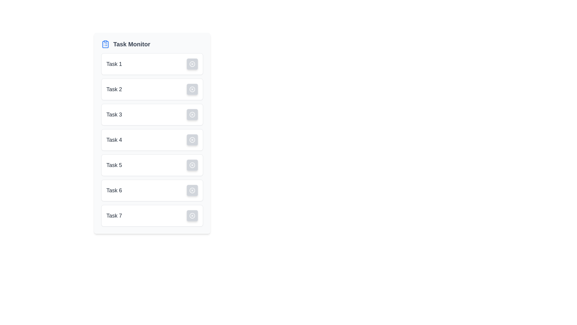  What do you see at coordinates (192, 165) in the screenshot?
I see `the core circle of the 'X' icon associated with 'Task 5' in the 'Task Monitor' interface` at bounding box center [192, 165].